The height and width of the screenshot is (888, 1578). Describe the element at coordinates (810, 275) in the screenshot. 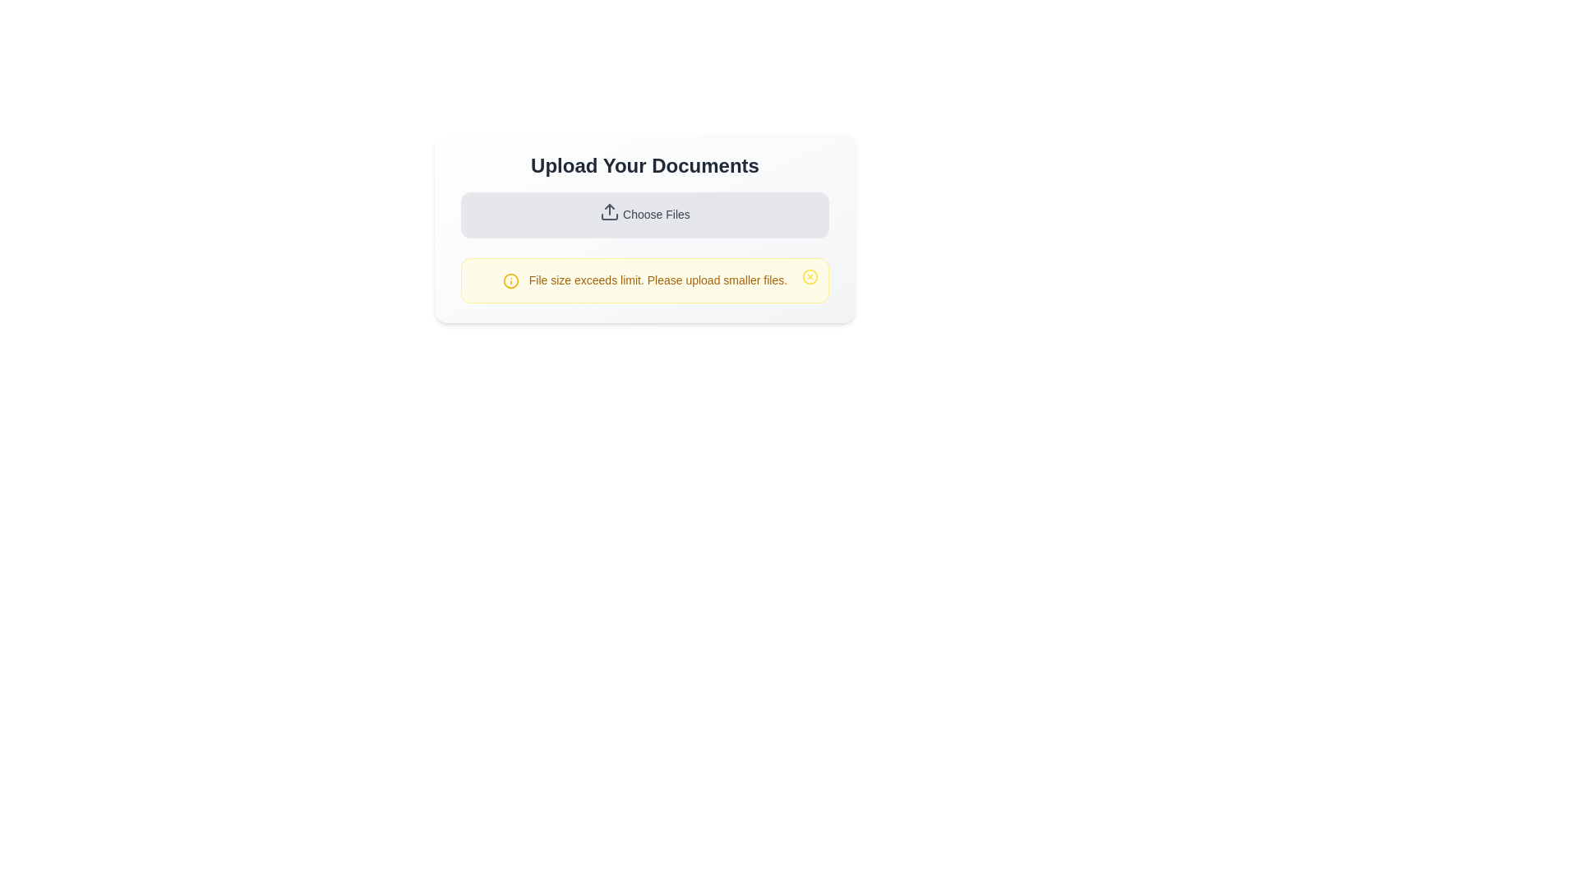

I see `the circular icon located in the top-right corner of the alert bar at the bottom of the file upload dialog, which serves as a visual indicator for dismissing or highlighting the alert` at that location.